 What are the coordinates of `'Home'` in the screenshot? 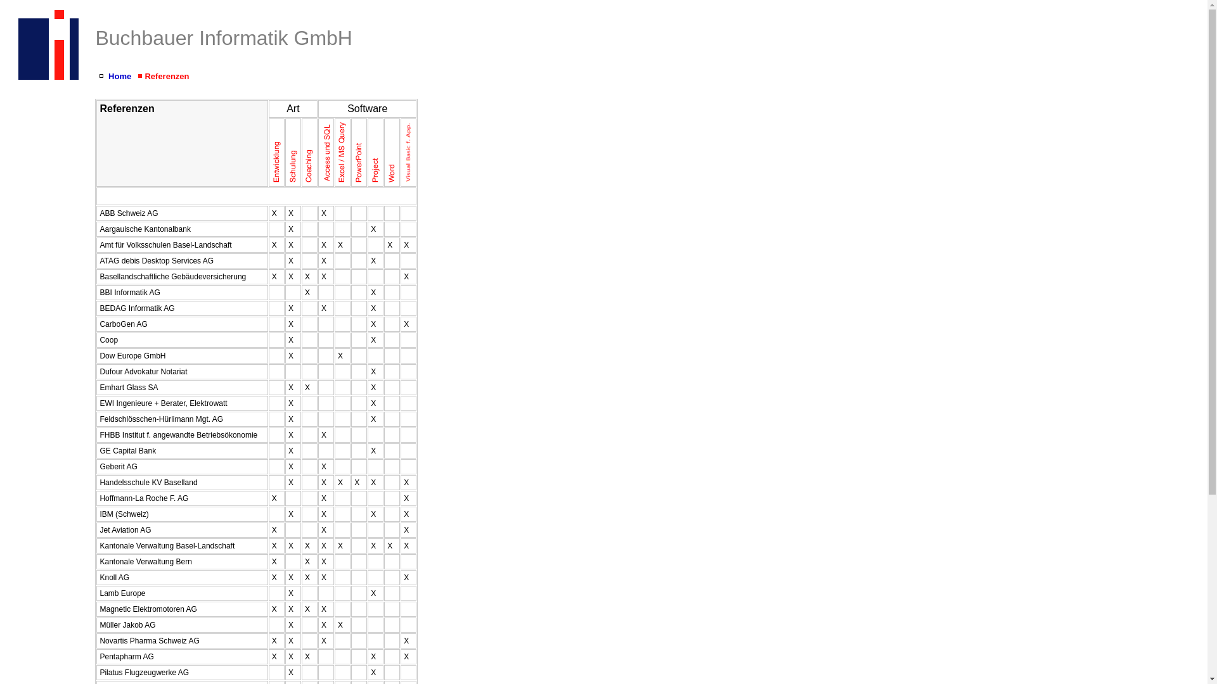 It's located at (119, 76).